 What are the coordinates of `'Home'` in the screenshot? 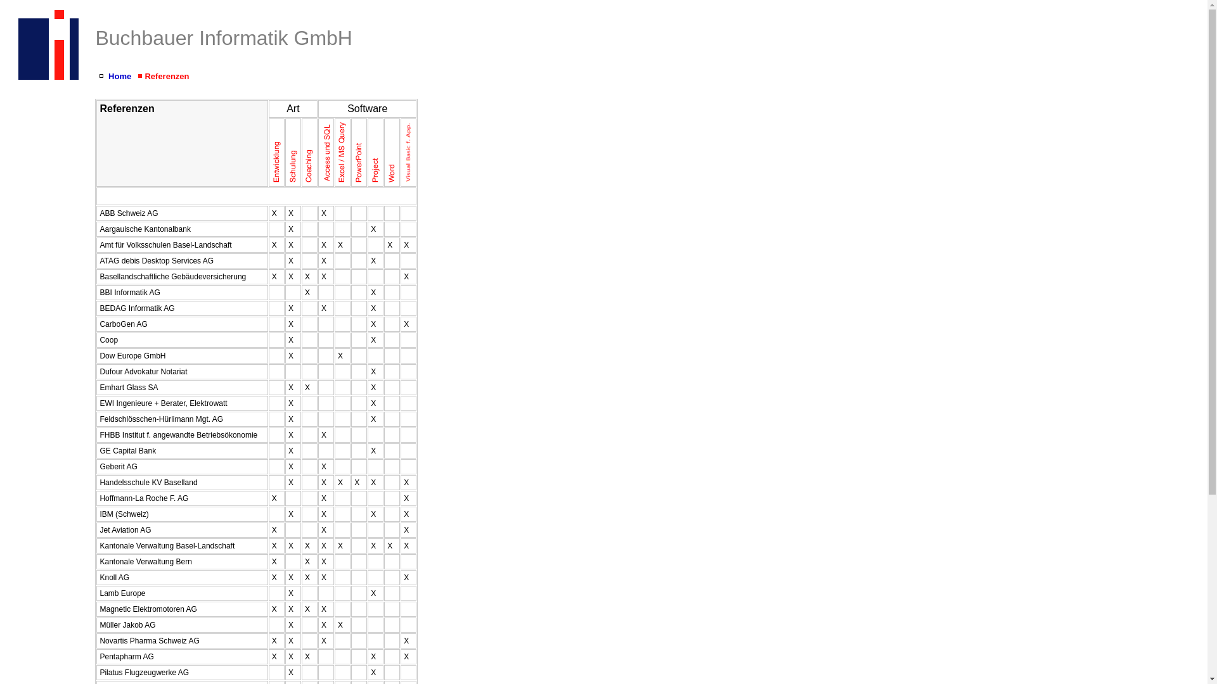 It's located at (119, 76).